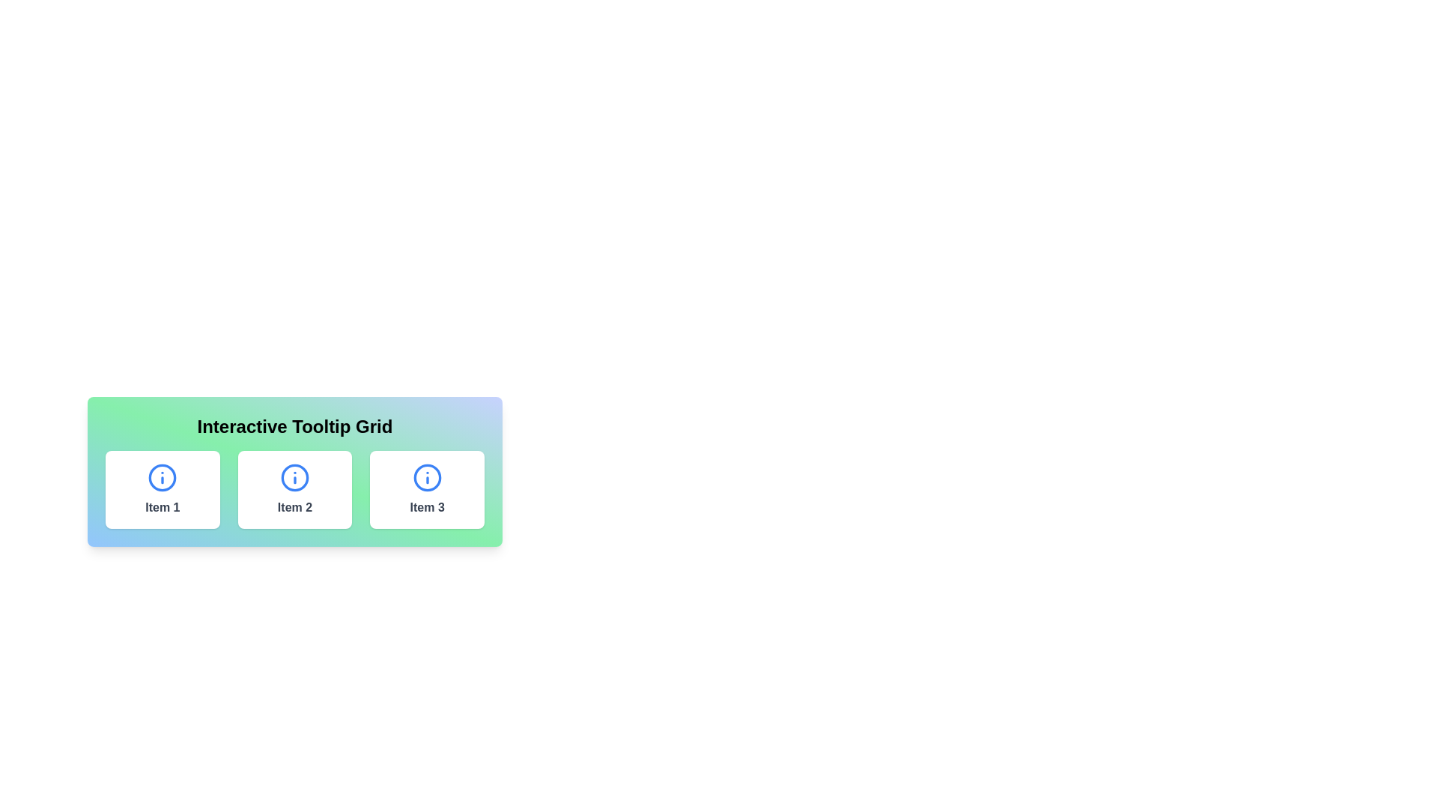 The width and height of the screenshot is (1438, 809). Describe the element at coordinates (426, 477) in the screenshot. I see `the circular information icon with a blue border and 'i' symbol located in the card labeled 'Item 3'` at that location.